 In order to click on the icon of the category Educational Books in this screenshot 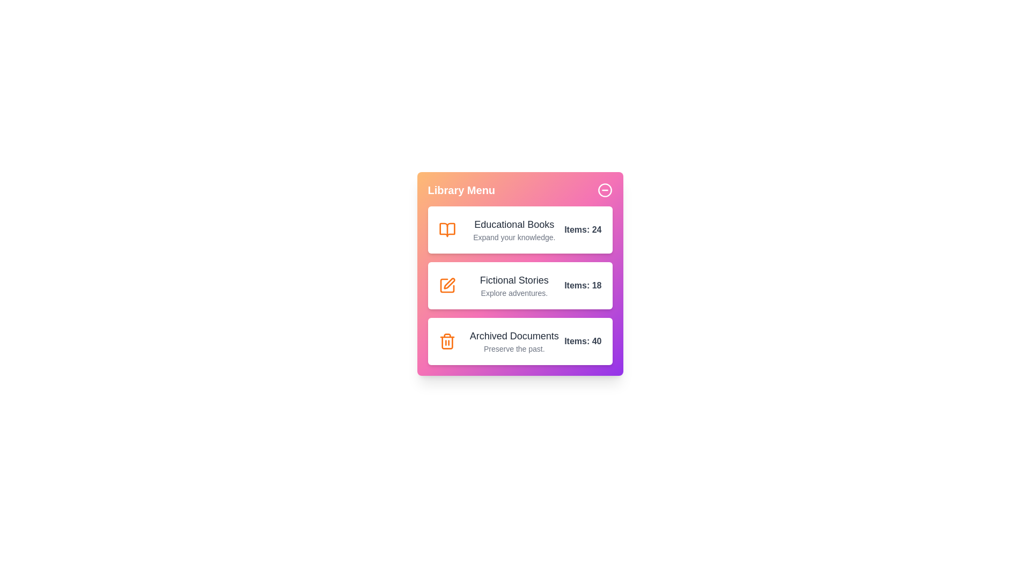, I will do `click(447, 229)`.